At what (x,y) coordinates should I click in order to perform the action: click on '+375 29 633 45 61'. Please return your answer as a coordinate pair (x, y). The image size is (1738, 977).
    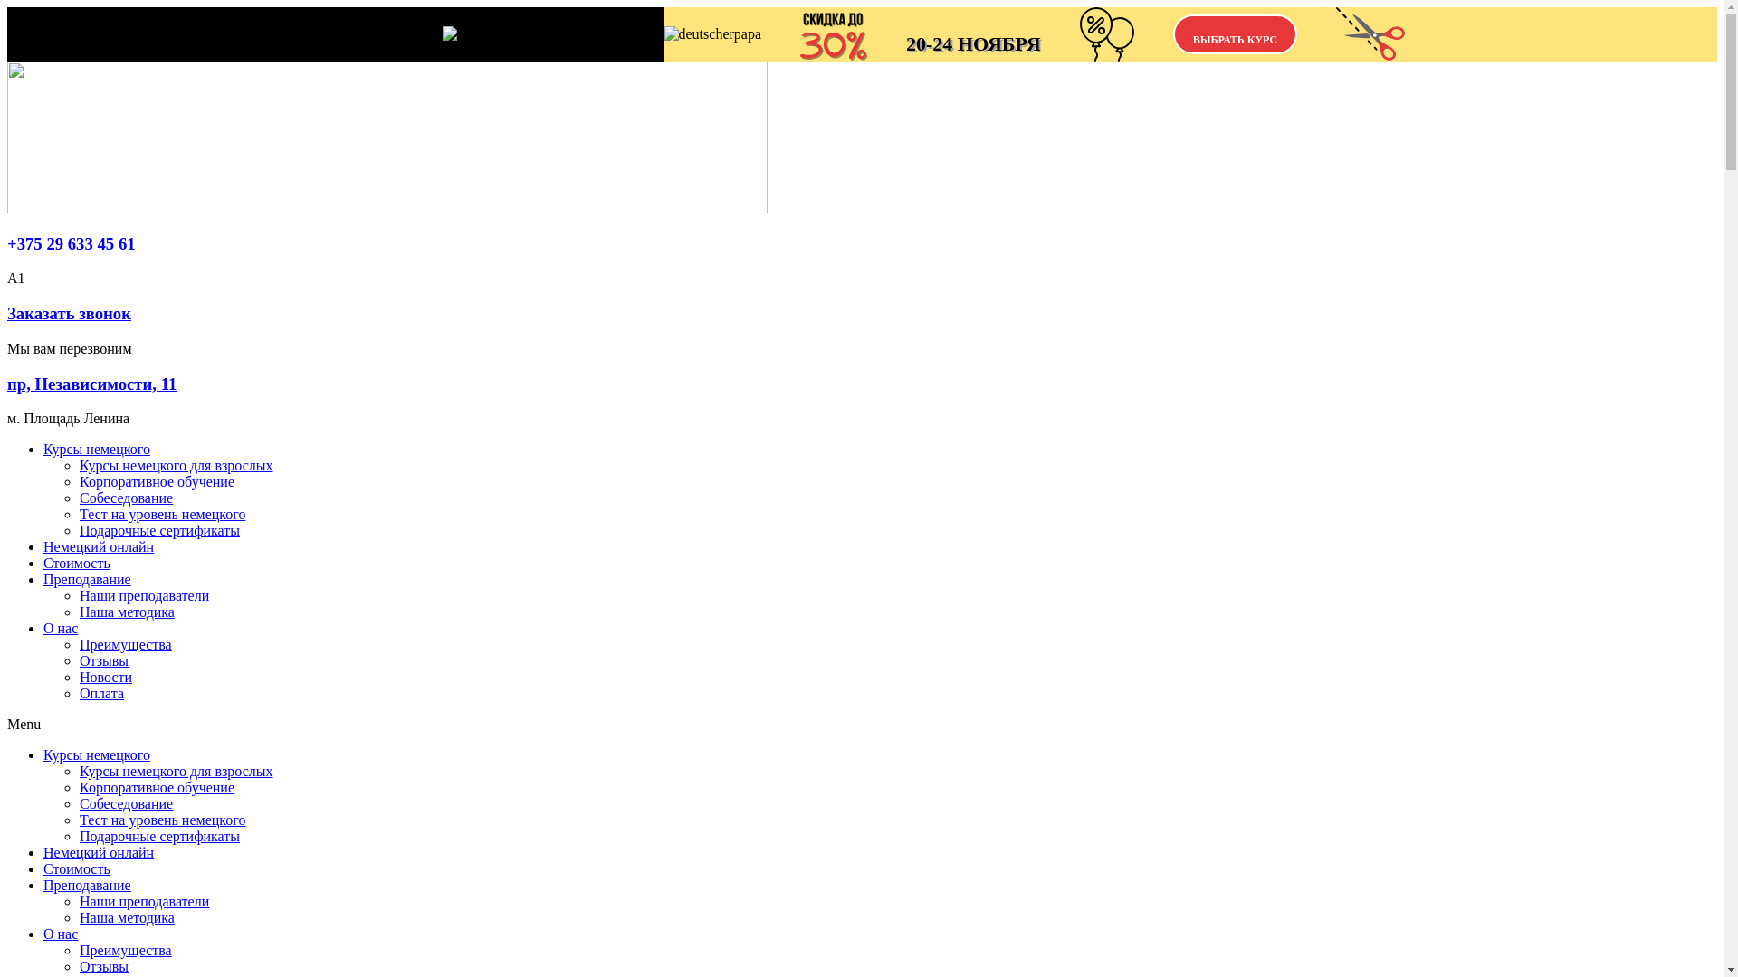
    Looking at the image, I should click on (71, 242).